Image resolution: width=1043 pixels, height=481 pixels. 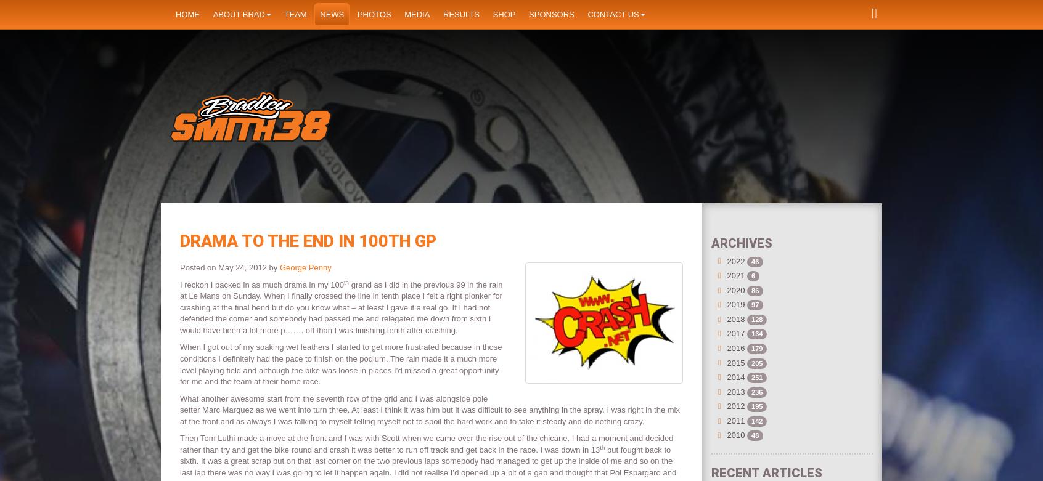 What do you see at coordinates (735, 377) in the screenshot?
I see `'2014'` at bounding box center [735, 377].